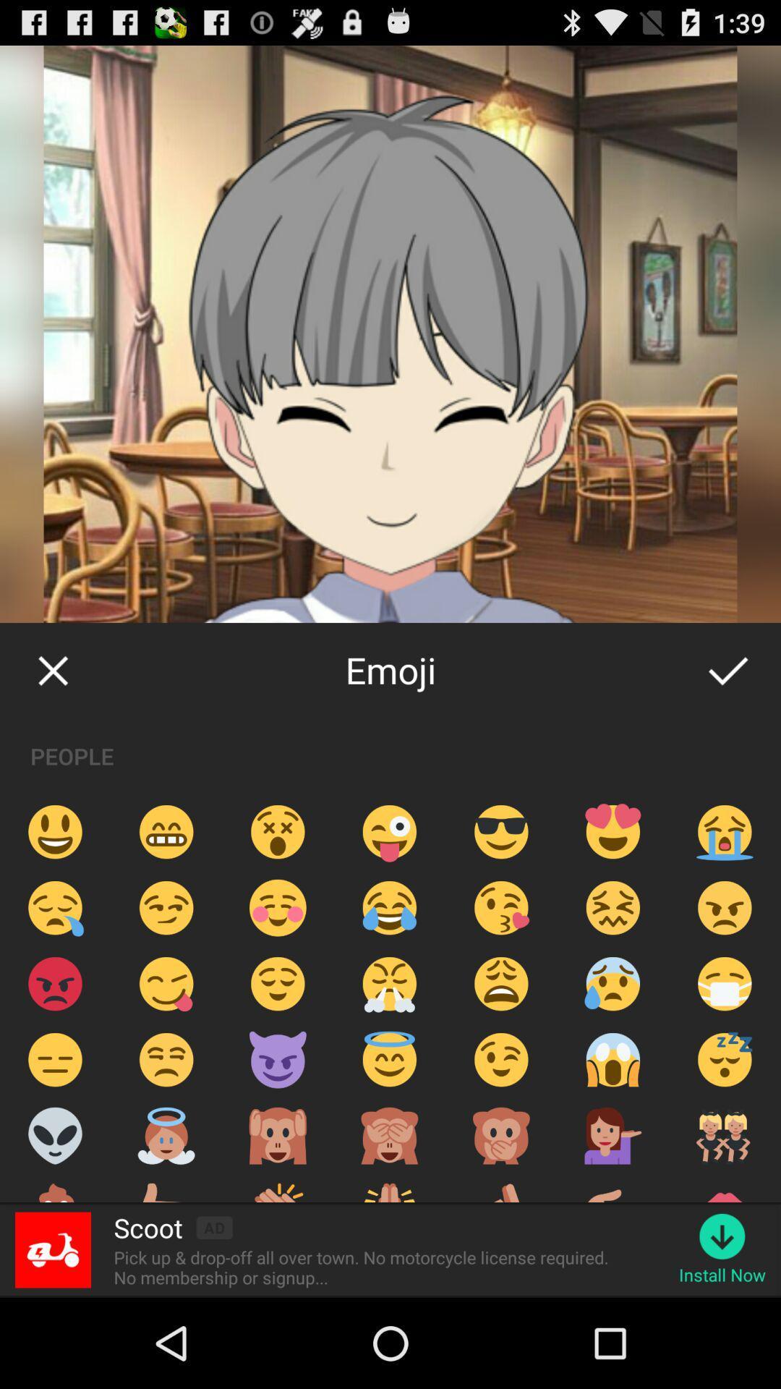 The width and height of the screenshot is (781, 1389). Describe the element at coordinates (727, 669) in the screenshot. I see `icon to the right of emoji item` at that location.